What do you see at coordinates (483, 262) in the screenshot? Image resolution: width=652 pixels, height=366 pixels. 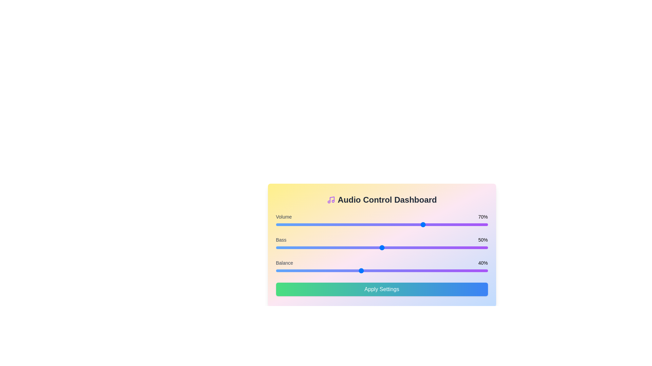 I see `current value displayed by the Text Label indicating the balance percentage, located at the far right of the 'Balance' section` at bounding box center [483, 262].